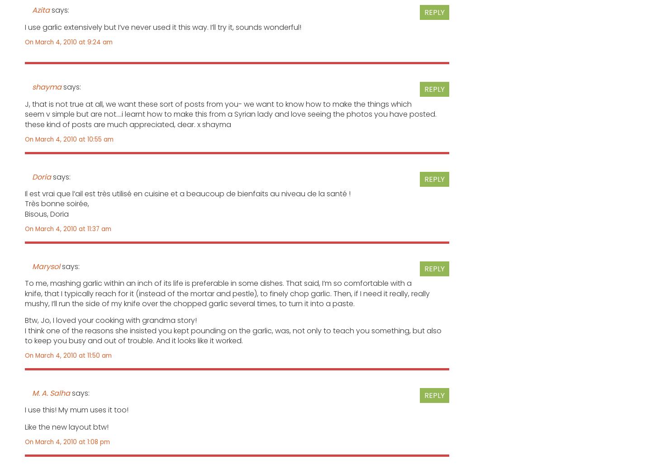  Describe the element at coordinates (187, 193) in the screenshot. I see `'Il est vrai que l’ail est très utilisé en cuisine et a beaucoup de bienfaits au niveau de la santé !'` at that location.